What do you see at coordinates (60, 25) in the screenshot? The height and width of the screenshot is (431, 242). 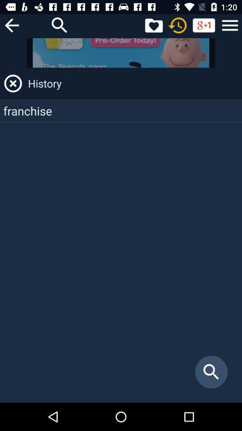 I see `search field` at bounding box center [60, 25].